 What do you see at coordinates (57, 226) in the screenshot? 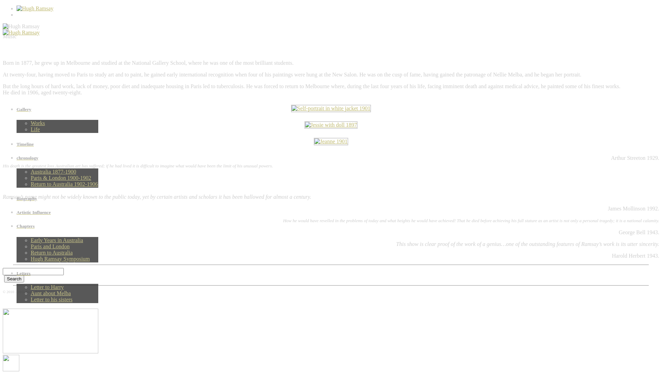
I see `'Chapters'` at bounding box center [57, 226].